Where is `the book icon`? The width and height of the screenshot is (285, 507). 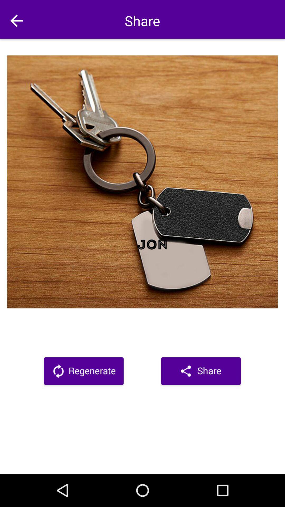
the book icon is located at coordinates (83, 398).